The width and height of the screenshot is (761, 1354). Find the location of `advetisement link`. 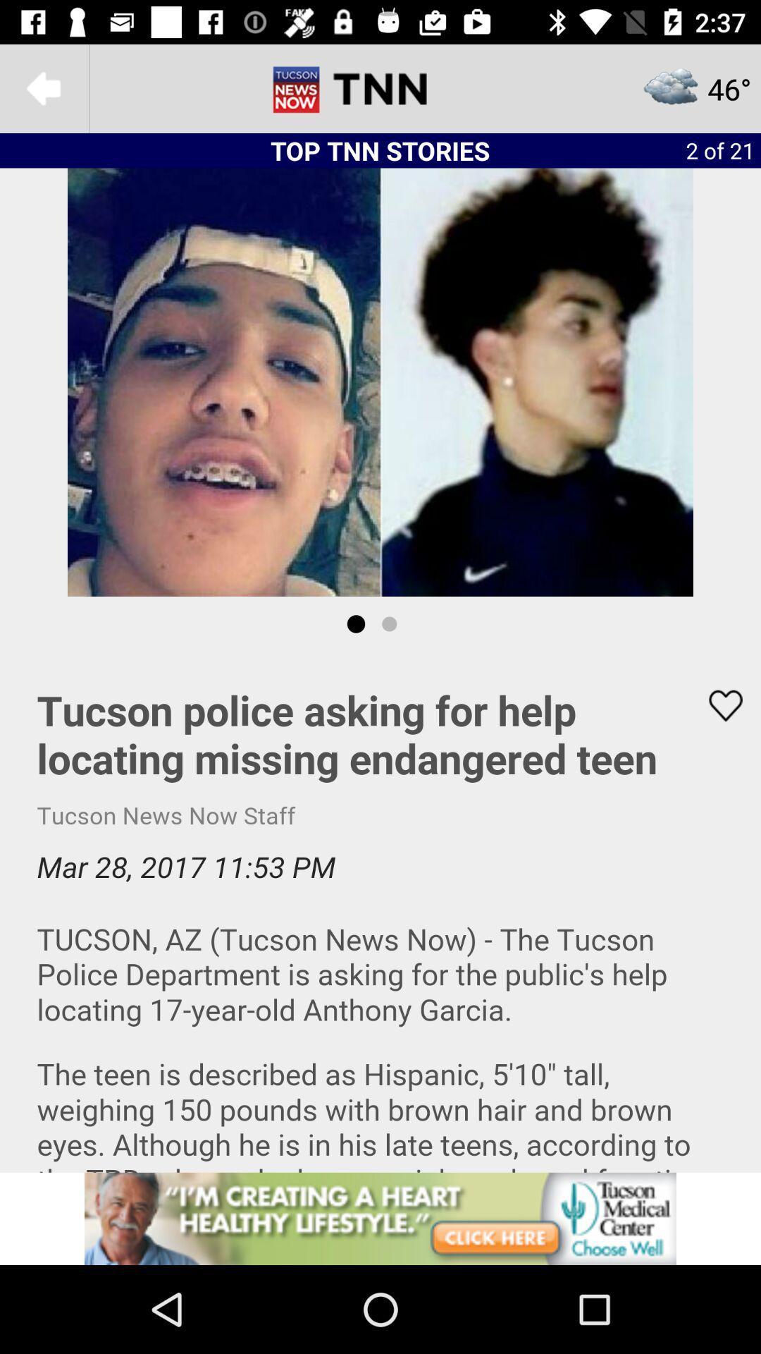

advetisement link is located at coordinates (380, 1218).